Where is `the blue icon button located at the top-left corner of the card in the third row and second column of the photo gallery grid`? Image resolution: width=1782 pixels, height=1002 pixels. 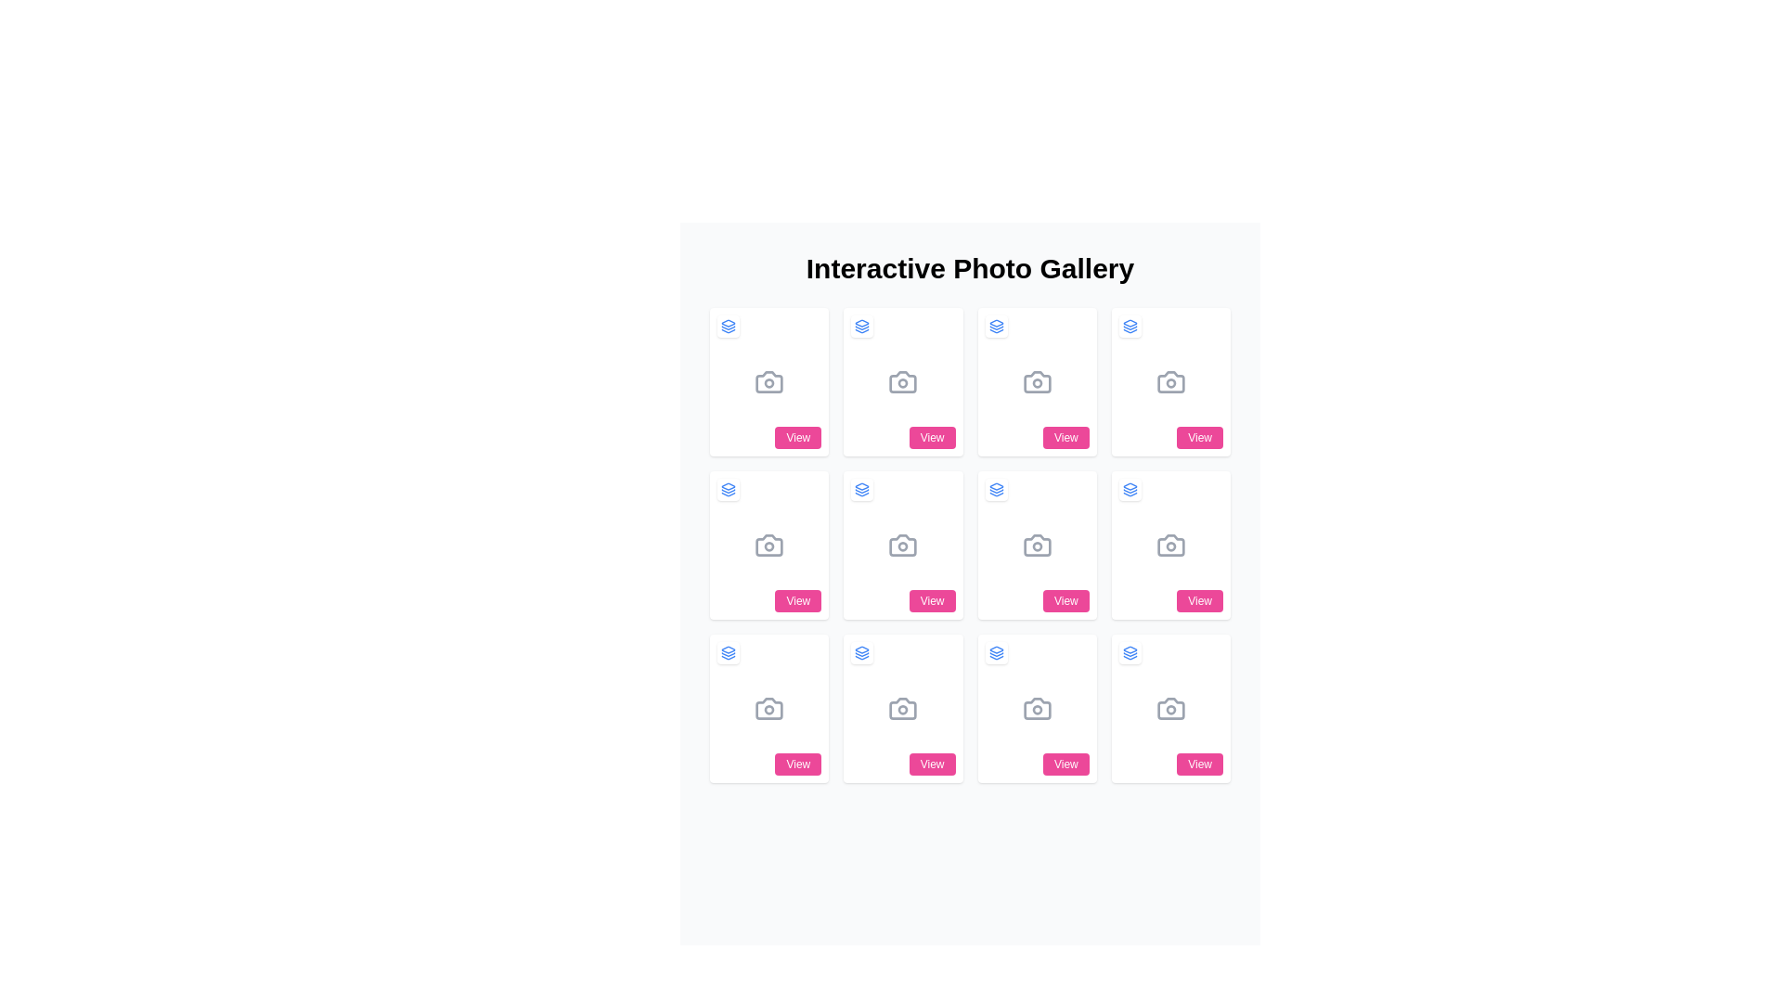 the blue icon button located at the top-left corner of the card in the third row and second column of the photo gallery grid is located at coordinates (861, 489).